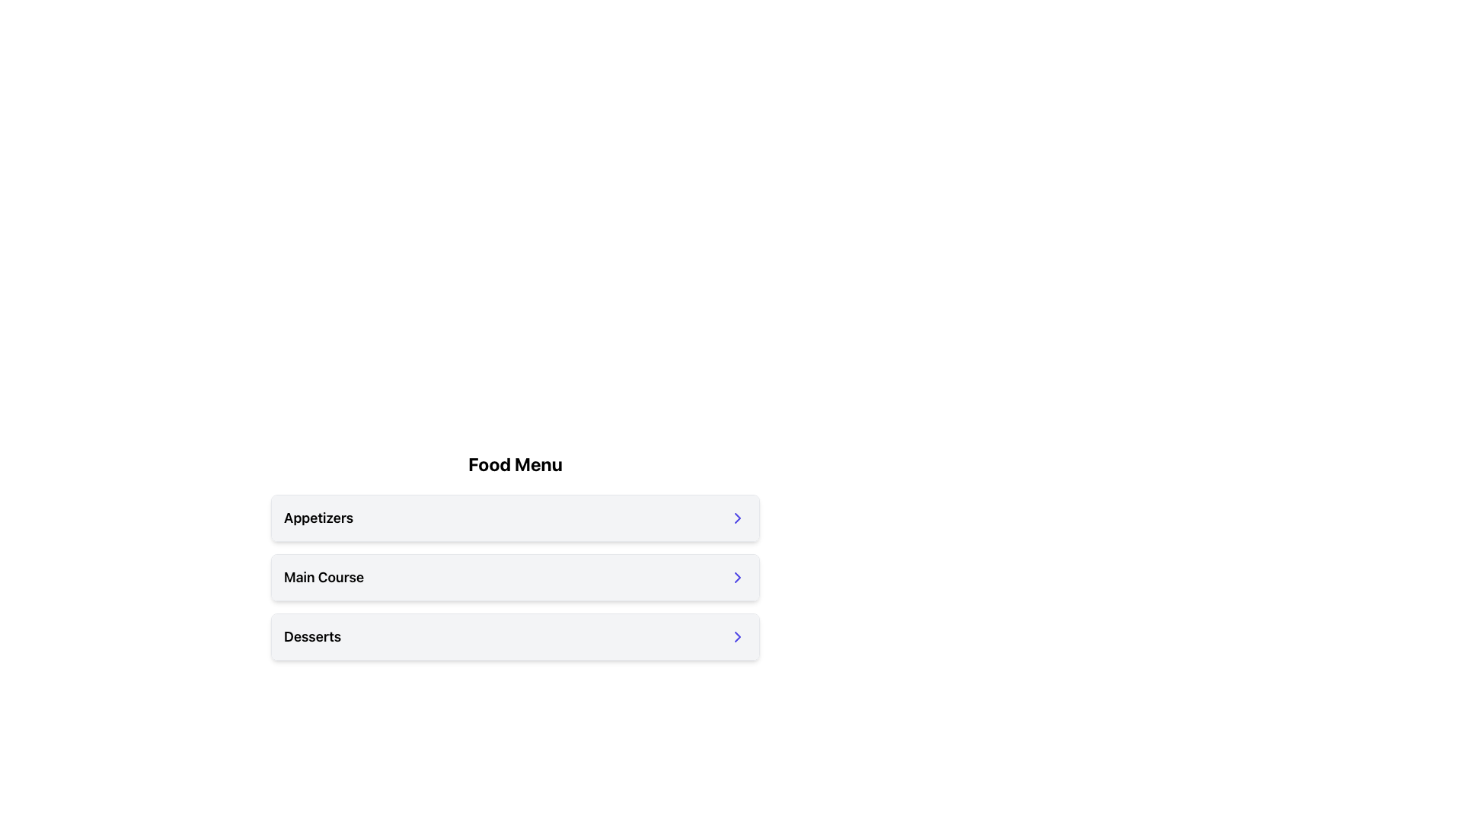 Image resolution: width=1462 pixels, height=822 pixels. Describe the element at coordinates (738, 578) in the screenshot. I see `the chevron icon located on the far right side of the 'Main Course' menu item` at that location.